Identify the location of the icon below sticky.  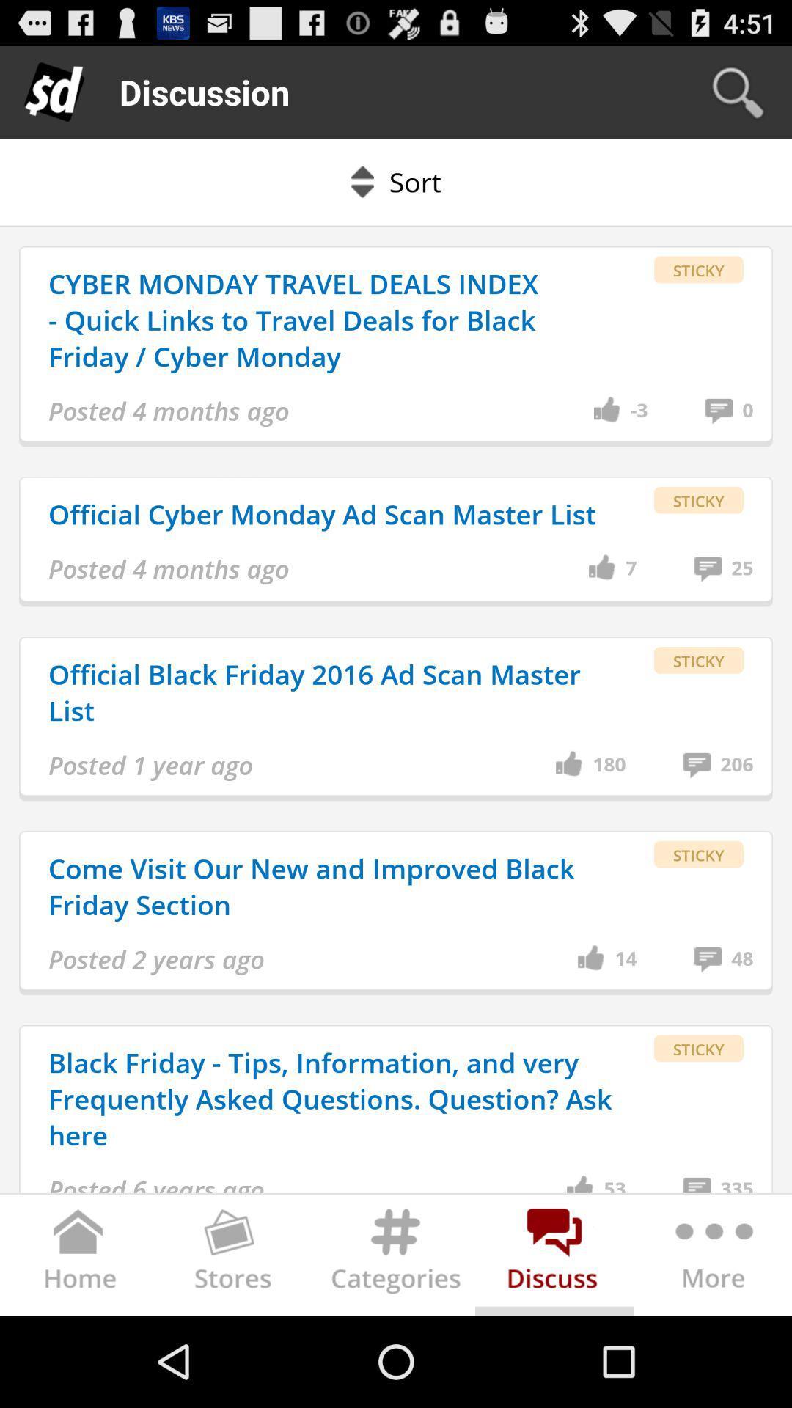
(737, 1184).